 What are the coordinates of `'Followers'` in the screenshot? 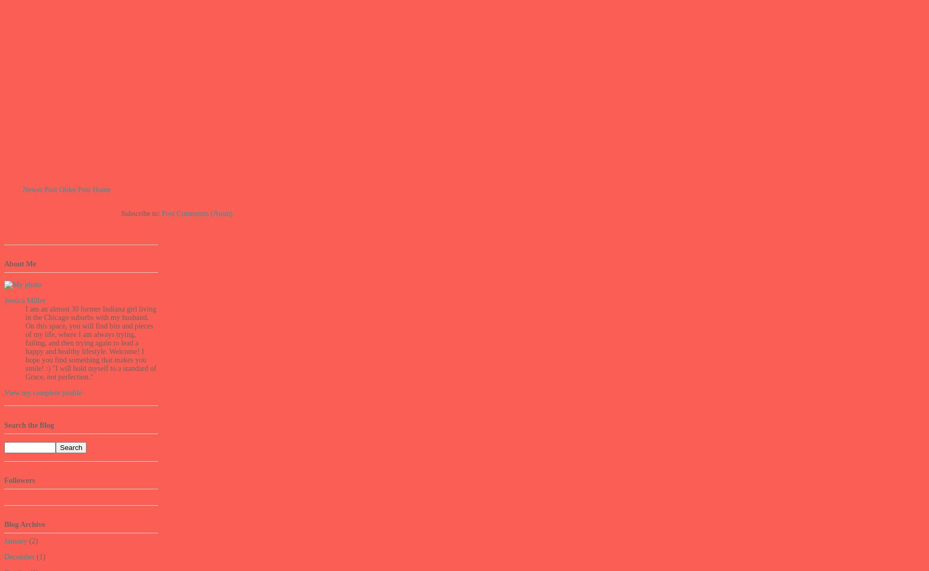 It's located at (19, 480).